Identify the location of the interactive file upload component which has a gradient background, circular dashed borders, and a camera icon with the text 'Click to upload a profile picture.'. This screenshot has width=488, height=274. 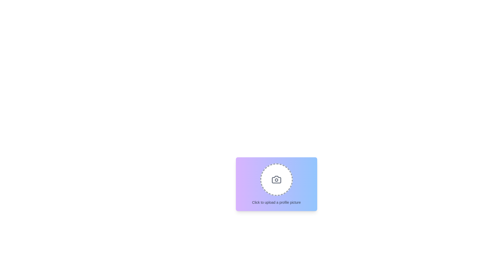
(276, 184).